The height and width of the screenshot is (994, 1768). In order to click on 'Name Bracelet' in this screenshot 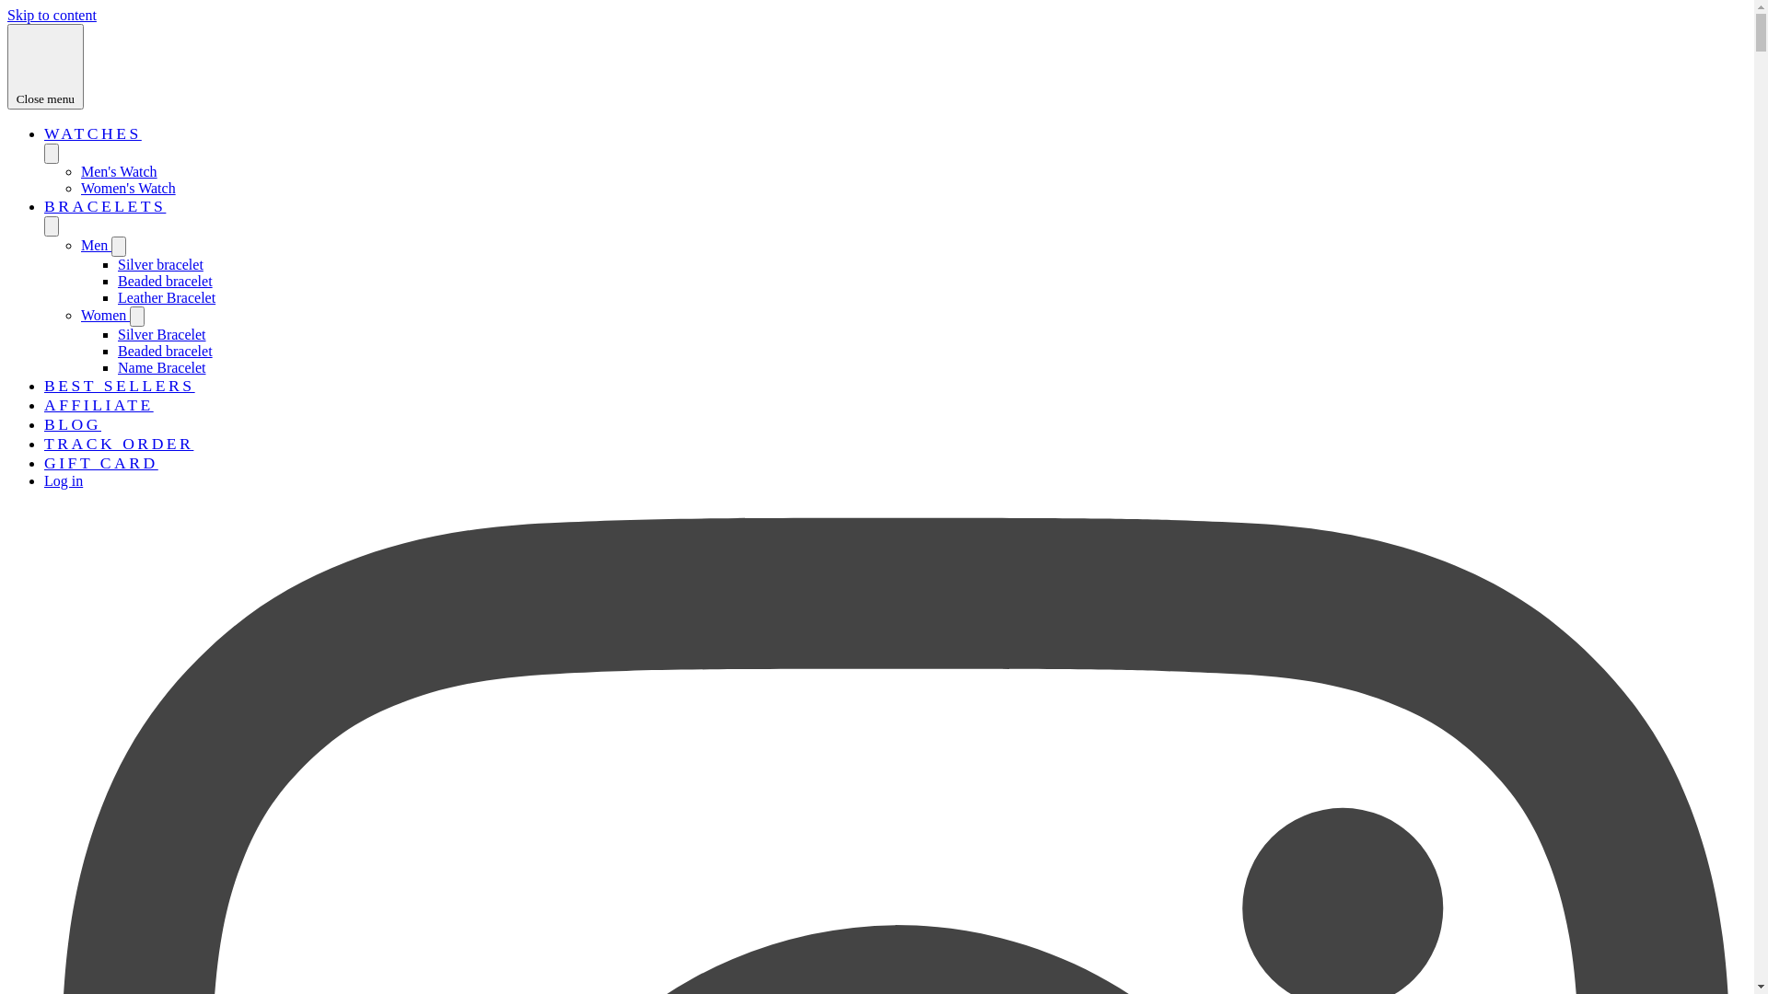, I will do `click(162, 367)`.